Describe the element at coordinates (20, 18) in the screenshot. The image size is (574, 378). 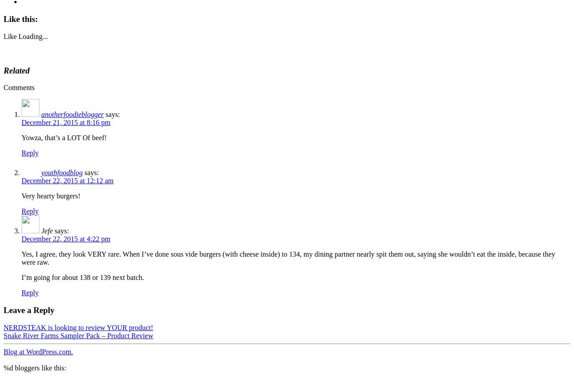
I see `'Like this:'` at that location.